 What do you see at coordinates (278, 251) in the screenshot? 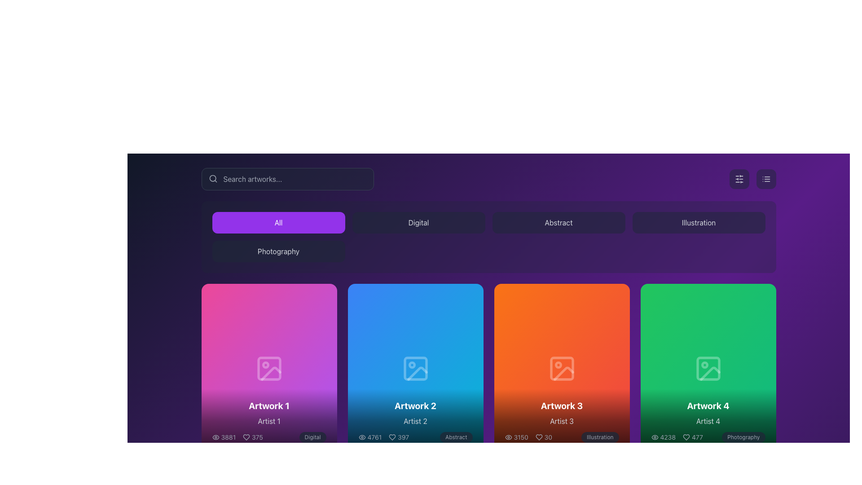
I see `the button labeled 'Photography' which is the fifth button in a grid layout, to observe its visual hover effect` at bounding box center [278, 251].